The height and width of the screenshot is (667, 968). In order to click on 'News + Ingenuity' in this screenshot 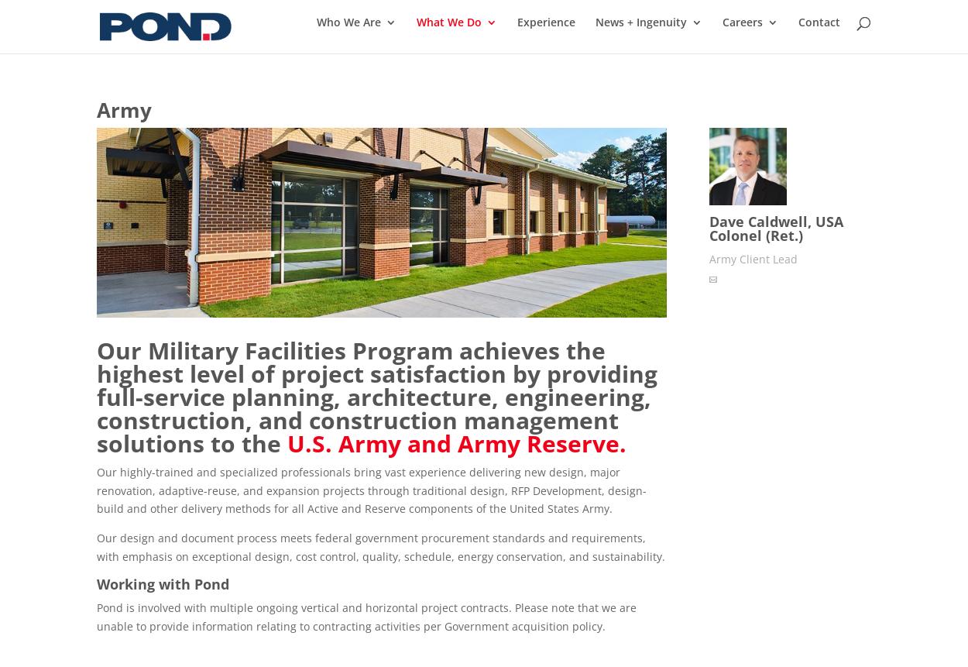, I will do `click(640, 30)`.